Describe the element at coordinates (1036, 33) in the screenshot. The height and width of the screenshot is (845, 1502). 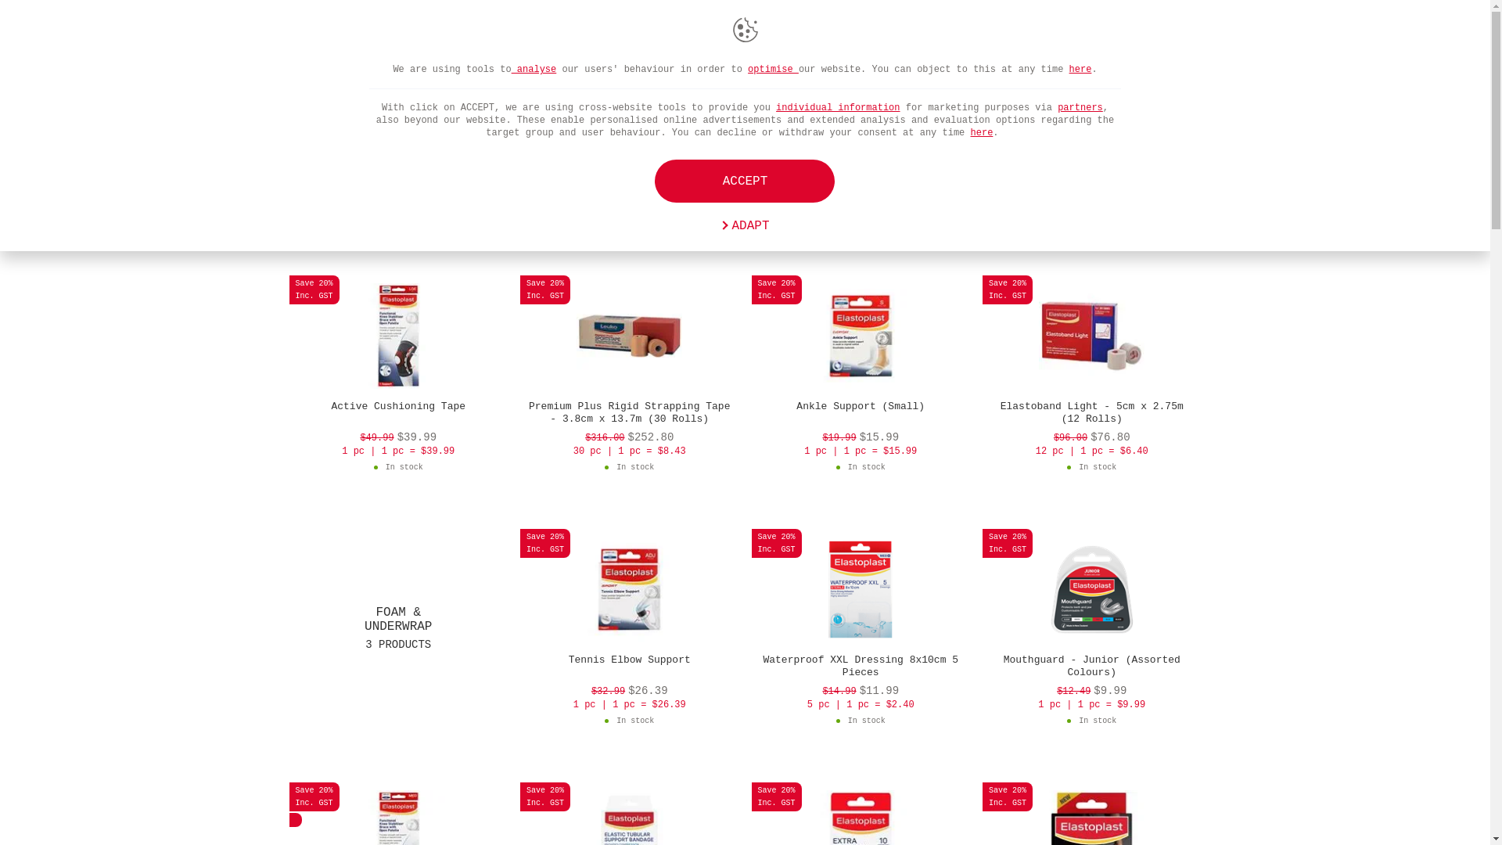
I see `'Go To Cart'` at that location.